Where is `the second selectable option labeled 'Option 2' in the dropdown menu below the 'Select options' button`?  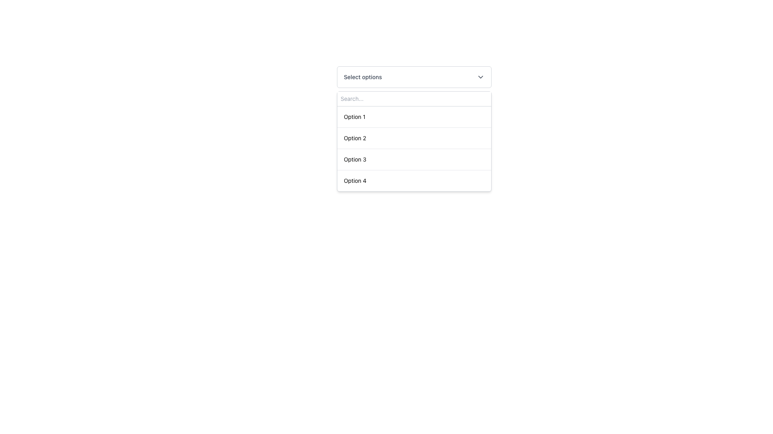 the second selectable option labeled 'Option 2' in the dropdown menu below the 'Select options' button is located at coordinates (414, 141).